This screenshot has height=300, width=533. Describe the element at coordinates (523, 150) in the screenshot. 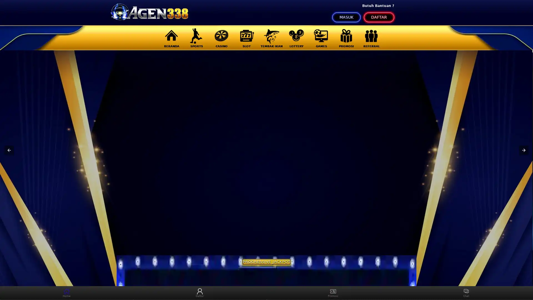

I see `Next item in carousel (2 of 4)` at that location.